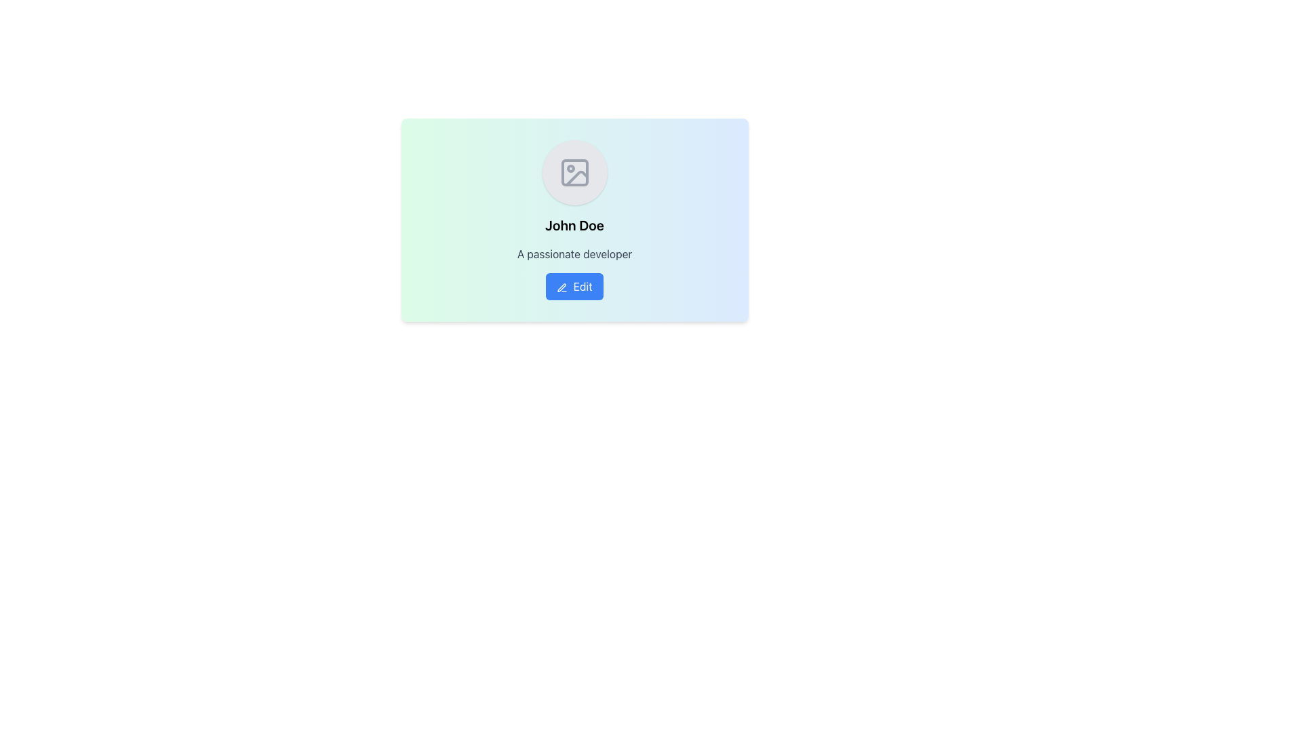  What do you see at coordinates (562, 287) in the screenshot?
I see `the pen icon located under the 'Edit' label` at bounding box center [562, 287].